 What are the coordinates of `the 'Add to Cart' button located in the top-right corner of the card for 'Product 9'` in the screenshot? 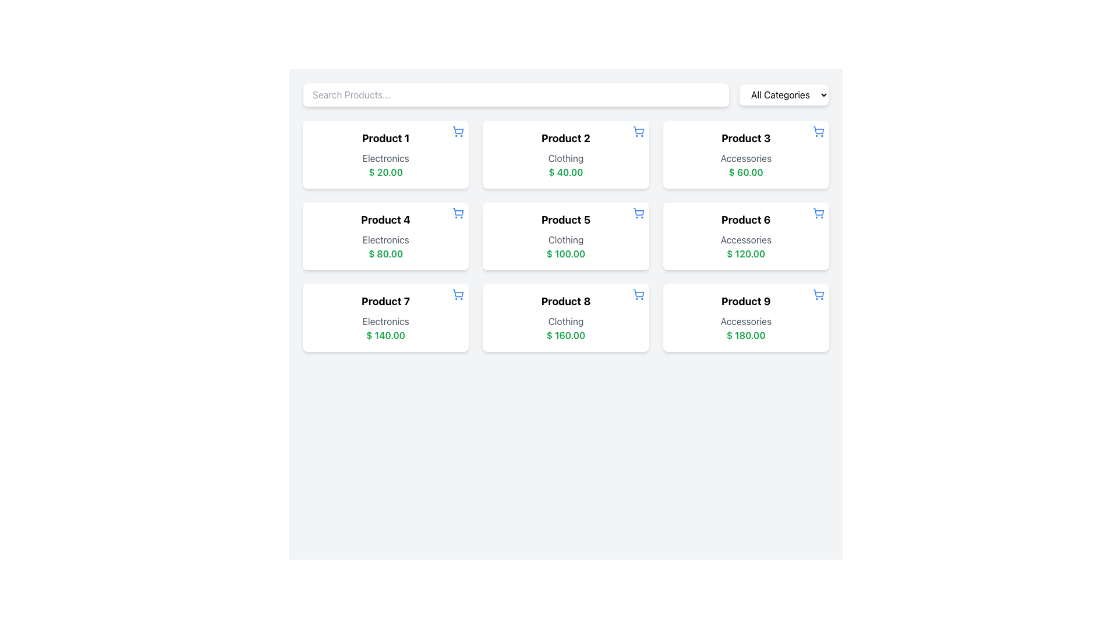 It's located at (818, 294).